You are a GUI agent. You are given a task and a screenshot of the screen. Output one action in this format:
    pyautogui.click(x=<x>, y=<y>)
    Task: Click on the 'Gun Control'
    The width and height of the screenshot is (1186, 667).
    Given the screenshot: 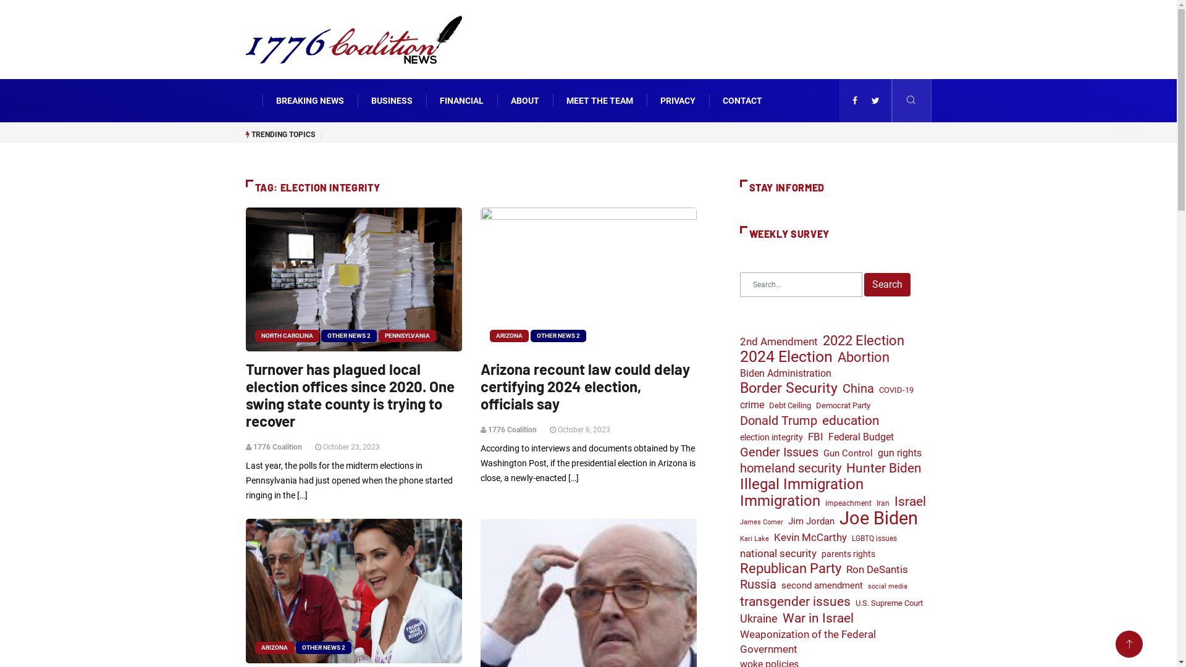 What is the action you would take?
    pyautogui.click(x=847, y=453)
    